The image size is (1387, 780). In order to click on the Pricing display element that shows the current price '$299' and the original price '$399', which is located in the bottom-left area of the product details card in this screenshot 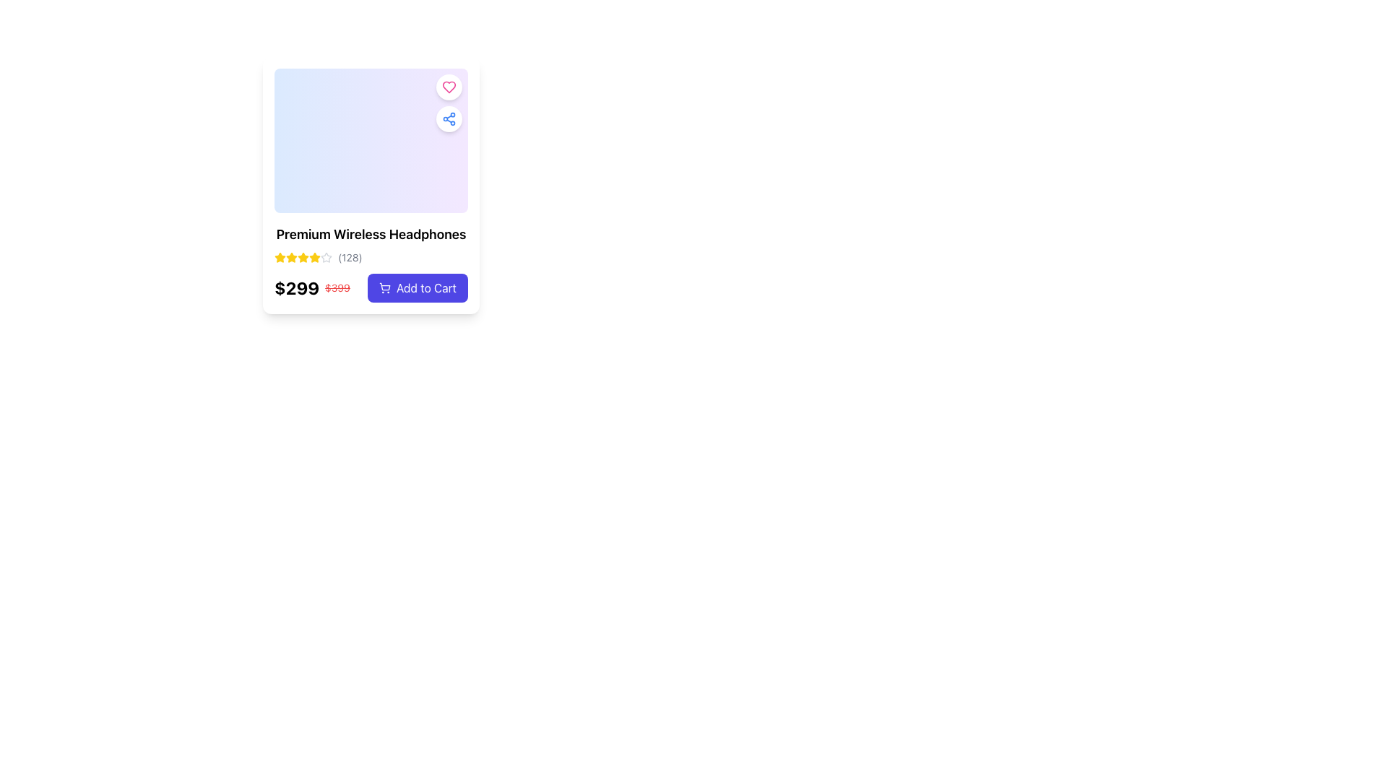, I will do `click(311, 287)`.